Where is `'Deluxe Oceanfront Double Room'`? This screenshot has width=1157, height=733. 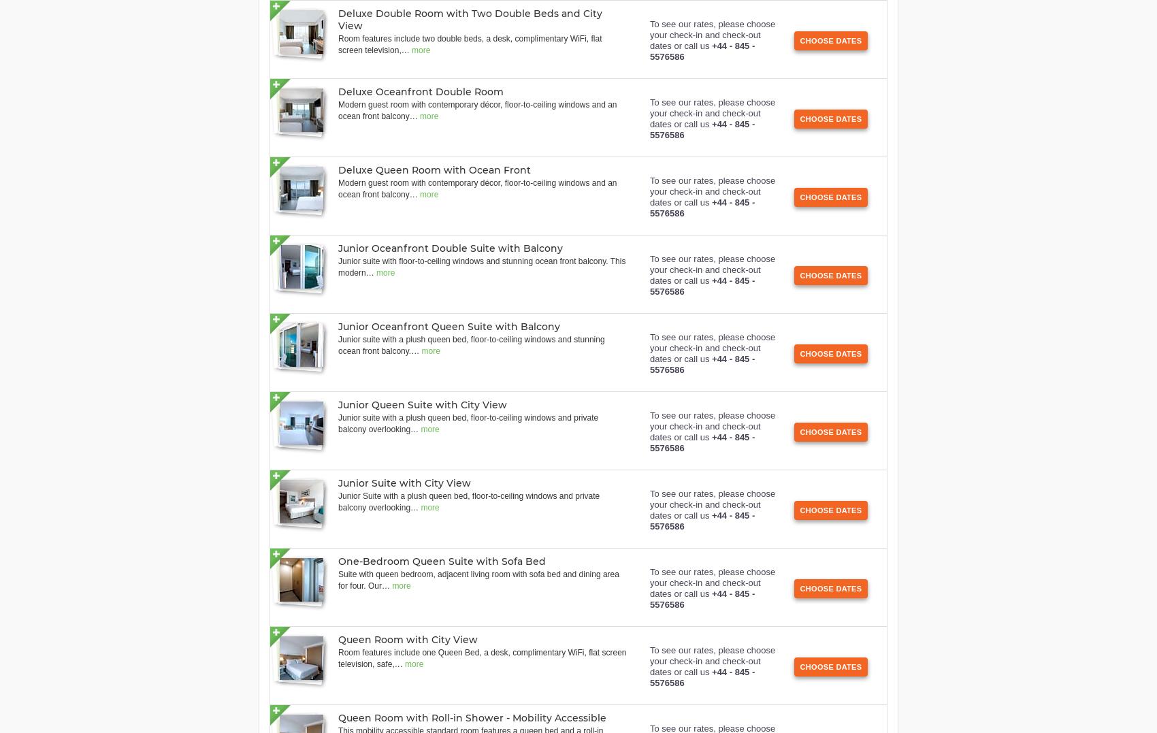 'Deluxe Oceanfront Double Room' is located at coordinates (420, 91).